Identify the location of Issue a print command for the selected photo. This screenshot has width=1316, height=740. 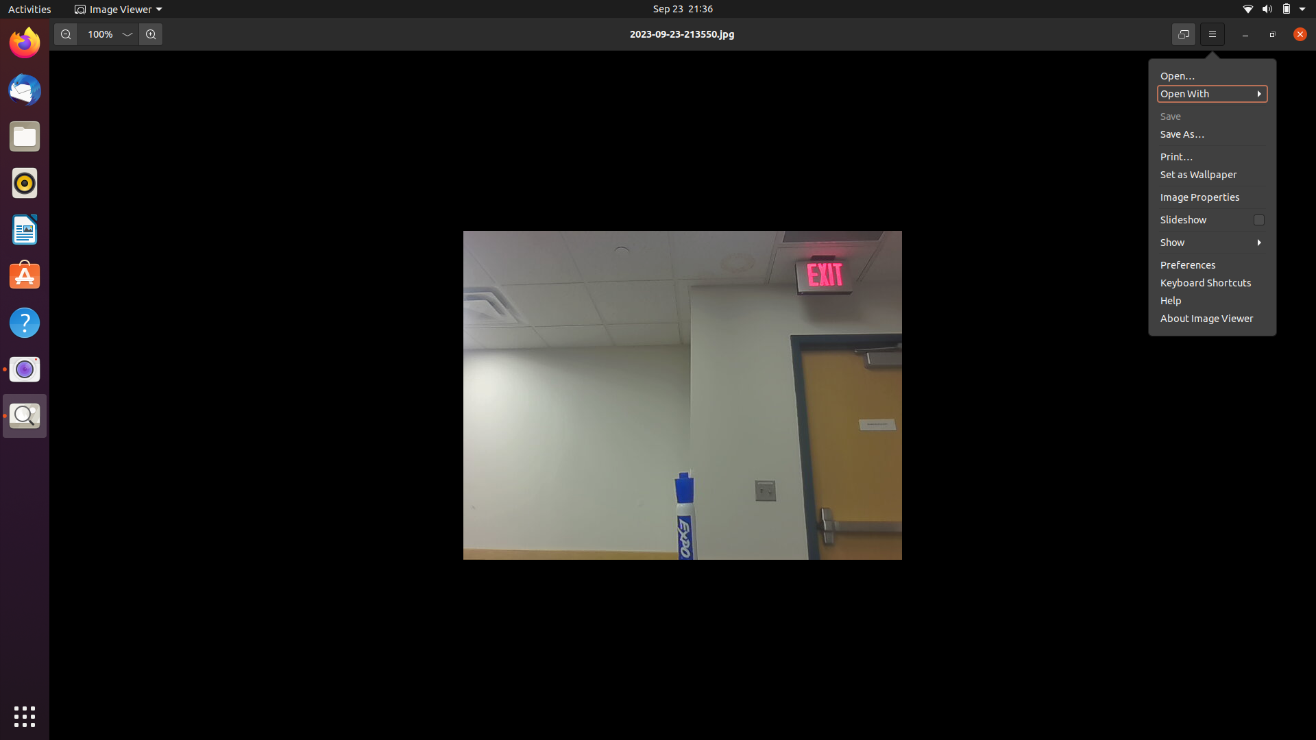
(1210, 132).